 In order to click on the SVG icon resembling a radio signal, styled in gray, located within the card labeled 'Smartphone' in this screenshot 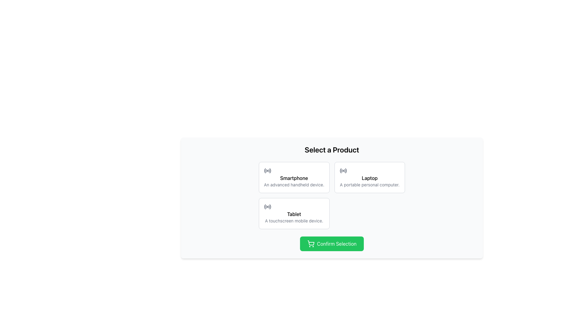, I will do `click(267, 171)`.